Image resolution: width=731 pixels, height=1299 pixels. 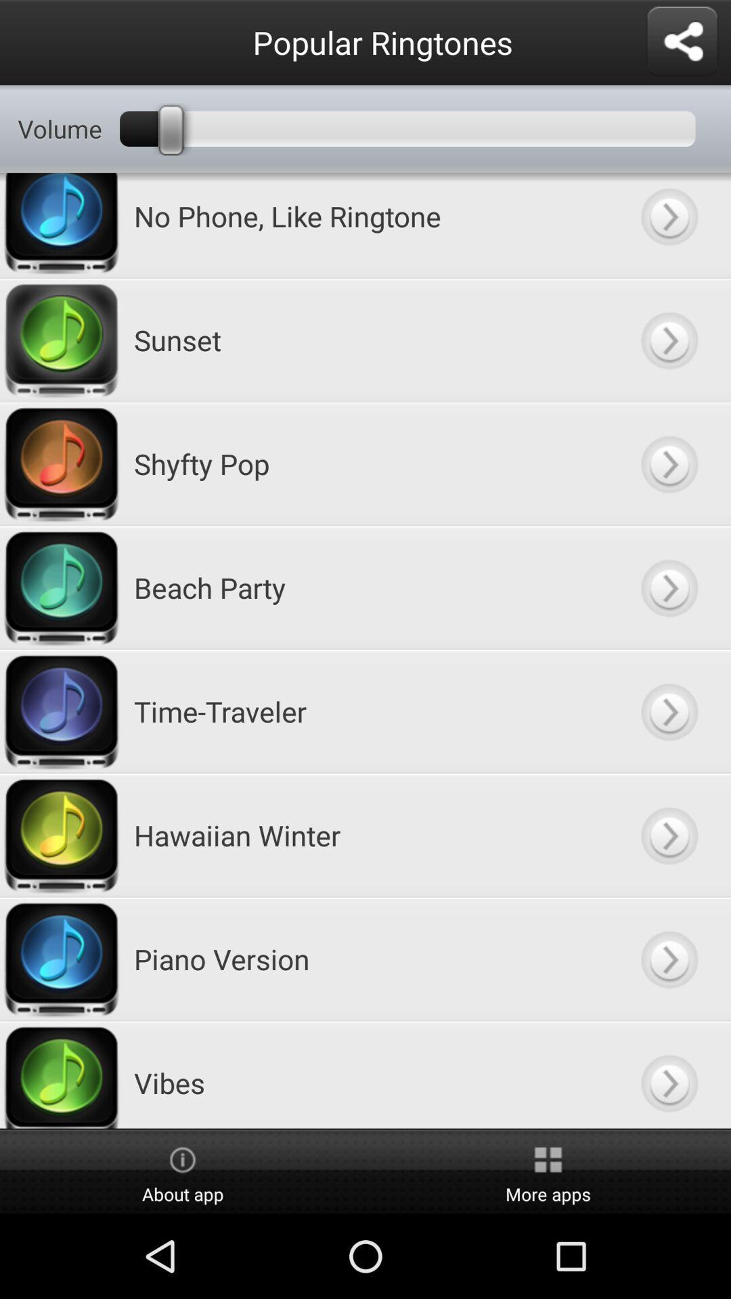 What do you see at coordinates (668, 463) in the screenshot?
I see `open shyfty pop` at bounding box center [668, 463].